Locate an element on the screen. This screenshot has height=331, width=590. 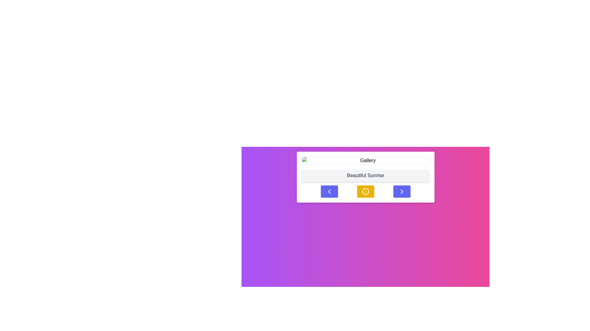
the static text display that shows 'Beautiful Sunrise', which is below the 'Gallery' image placeholder and above a row of buttons is located at coordinates (365, 177).